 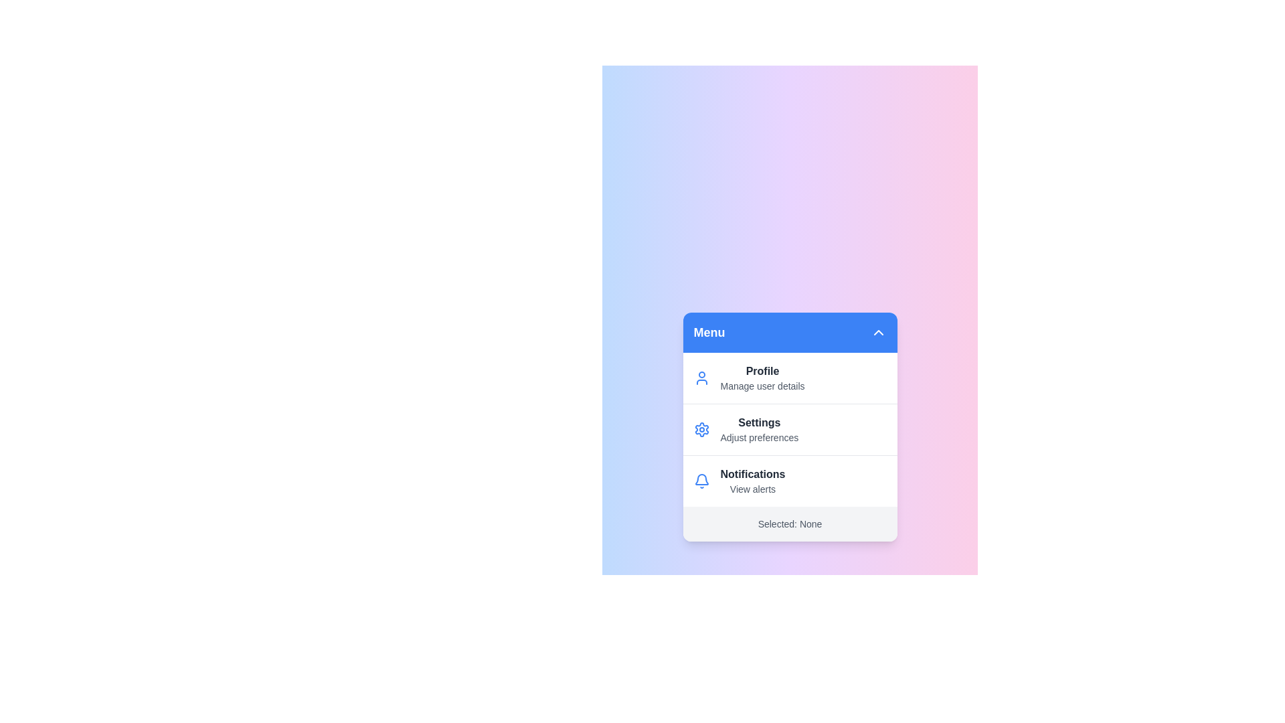 What do you see at coordinates (878, 332) in the screenshot?
I see `the toggle button in the header to toggle the menu visibility` at bounding box center [878, 332].